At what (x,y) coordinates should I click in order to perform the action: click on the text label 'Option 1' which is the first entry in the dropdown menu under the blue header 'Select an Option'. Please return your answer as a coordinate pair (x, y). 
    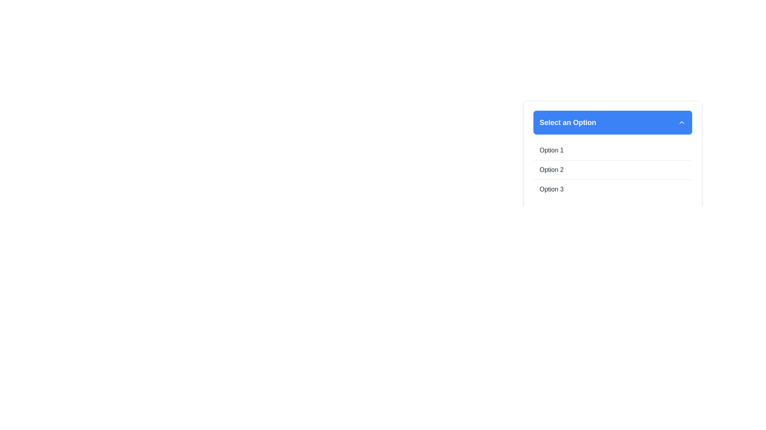
    Looking at the image, I should click on (551, 150).